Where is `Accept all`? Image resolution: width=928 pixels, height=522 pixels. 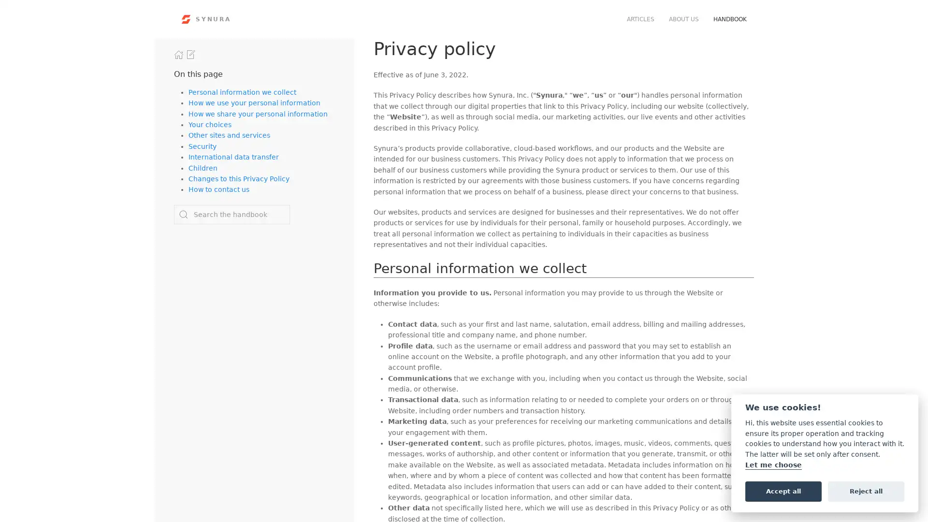 Accept all is located at coordinates (783, 491).